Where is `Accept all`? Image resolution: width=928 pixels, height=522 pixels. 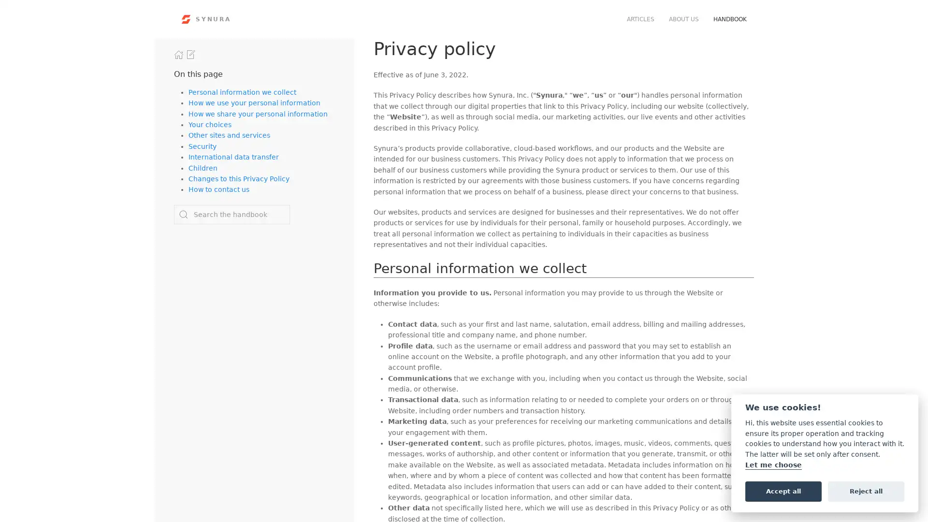 Accept all is located at coordinates (783, 491).